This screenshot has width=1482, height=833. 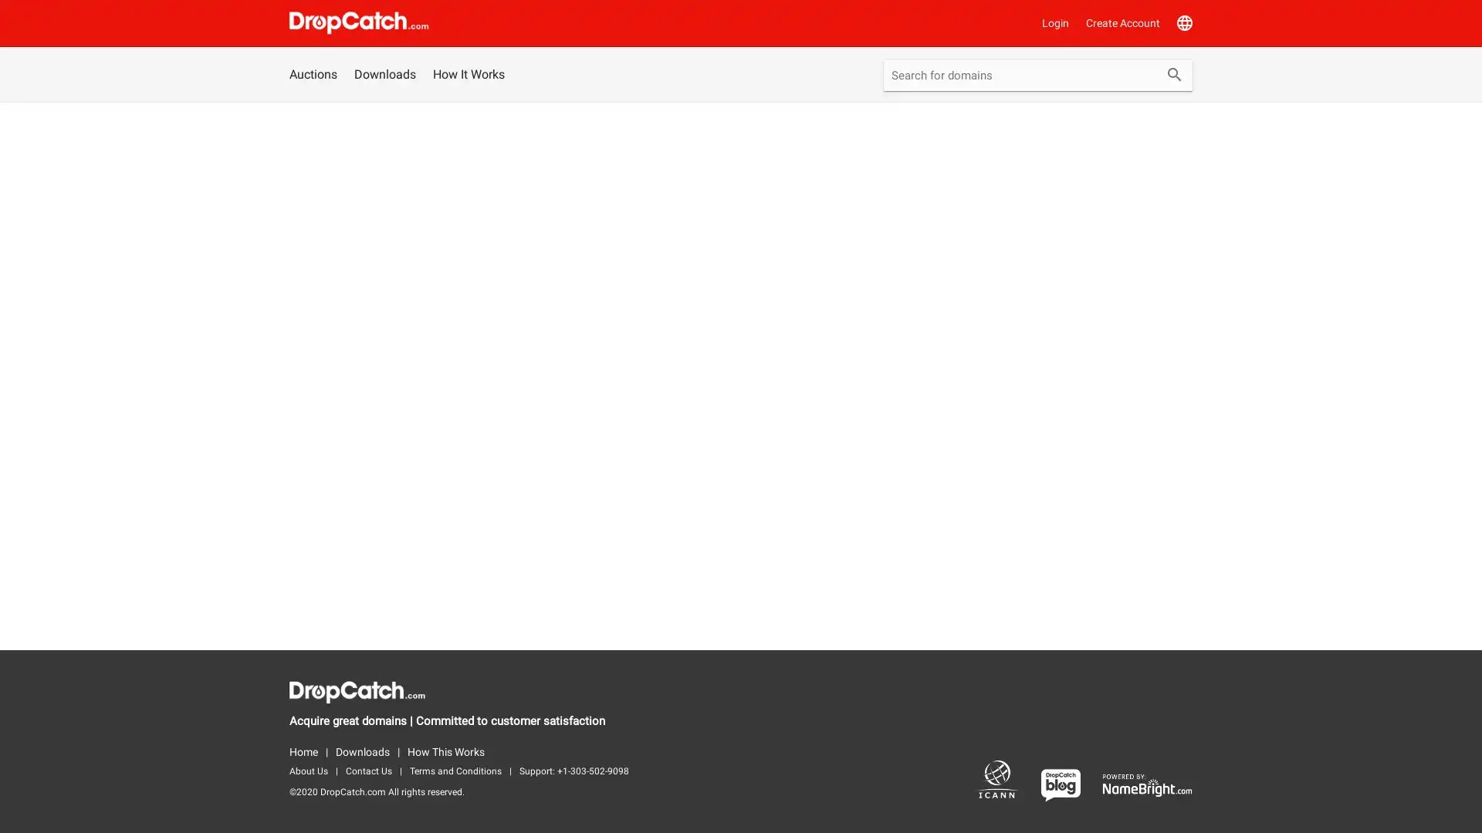 I want to click on Bid, so click(x=1159, y=244).